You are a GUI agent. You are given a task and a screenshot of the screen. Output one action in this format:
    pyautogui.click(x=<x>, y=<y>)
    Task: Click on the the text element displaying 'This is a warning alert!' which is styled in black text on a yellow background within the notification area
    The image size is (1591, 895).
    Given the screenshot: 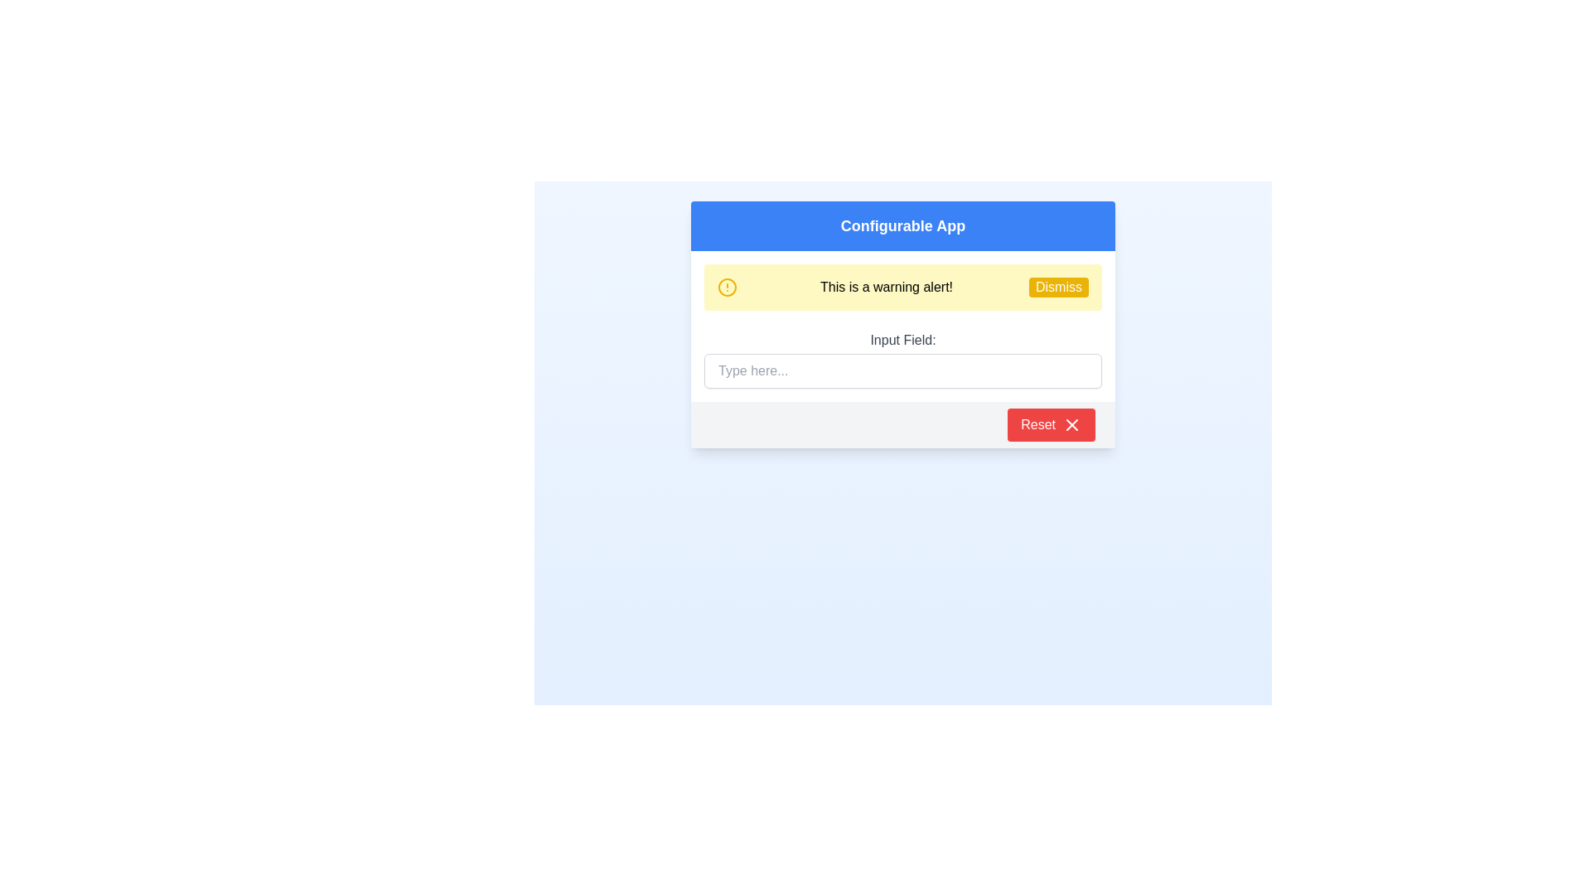 What is the action you would take?
    pyautogui.click(x=886, y=287)
    